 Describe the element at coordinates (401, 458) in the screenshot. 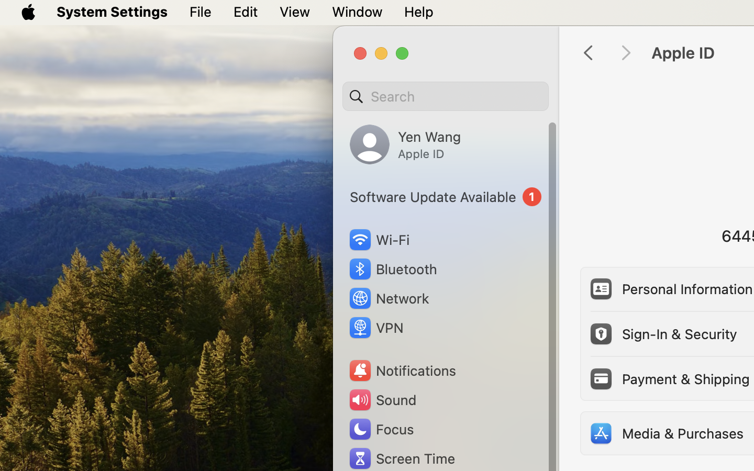

I see `'Screen Time'` at that location.